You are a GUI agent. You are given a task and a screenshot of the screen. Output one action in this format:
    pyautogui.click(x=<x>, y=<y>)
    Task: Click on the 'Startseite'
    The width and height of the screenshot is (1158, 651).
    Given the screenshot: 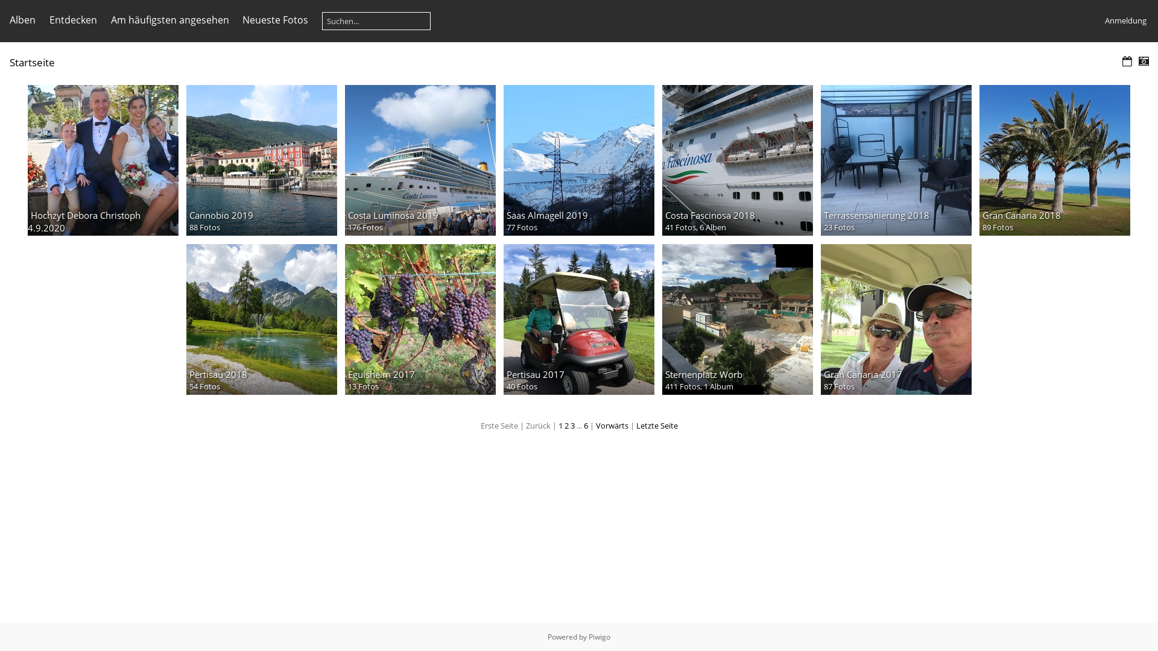 What is the action you would take?
    pyautogui.click(x=9, y=62)
    